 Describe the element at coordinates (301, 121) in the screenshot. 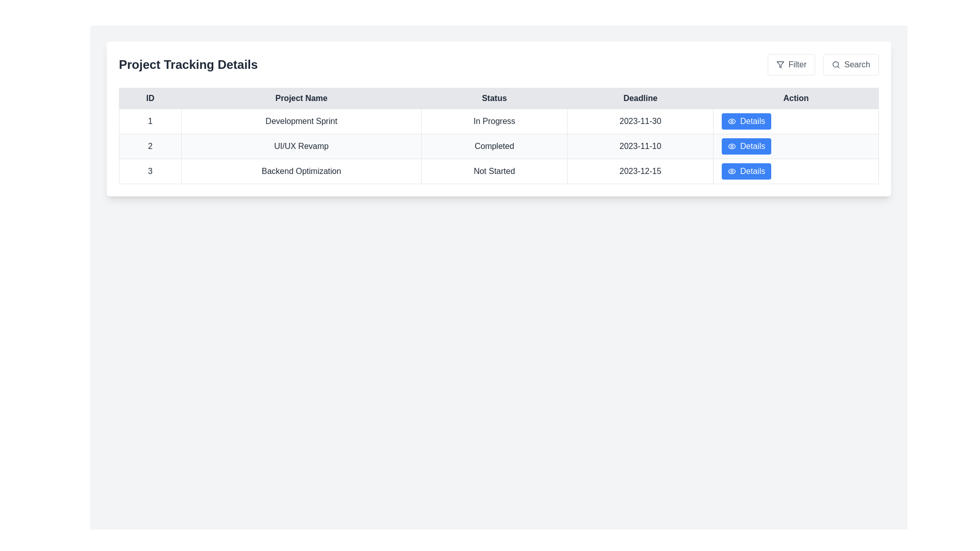

I see `text displayed in the text label that identifies the project name for the entry in the second column of the first row of the table` at that location.